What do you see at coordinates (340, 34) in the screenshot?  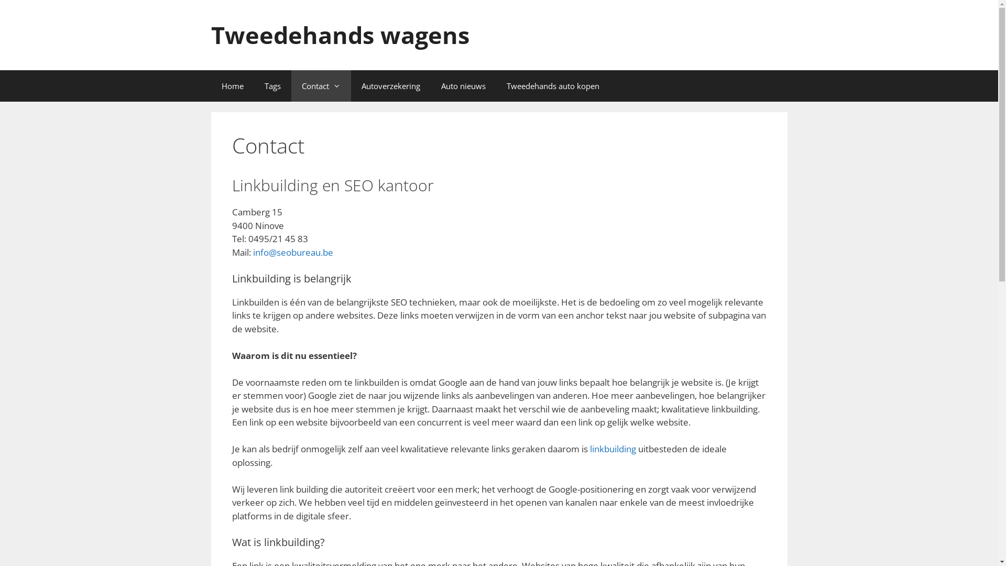 I see `'Tweedehands wagens'` at bounding box center [340, 34].